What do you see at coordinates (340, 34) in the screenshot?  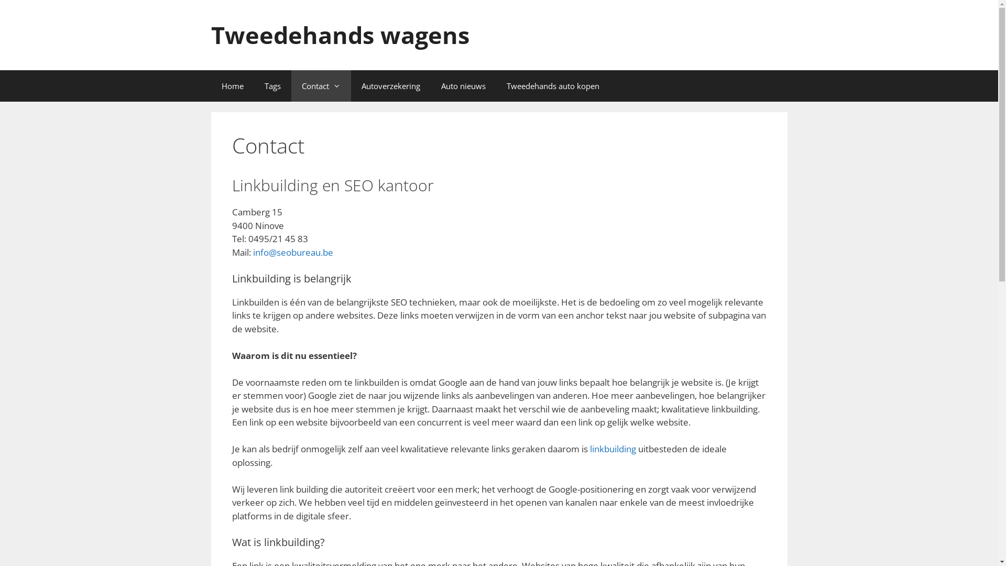 I see `'Tweedehands wagens'` at bounding box center [340, 34].